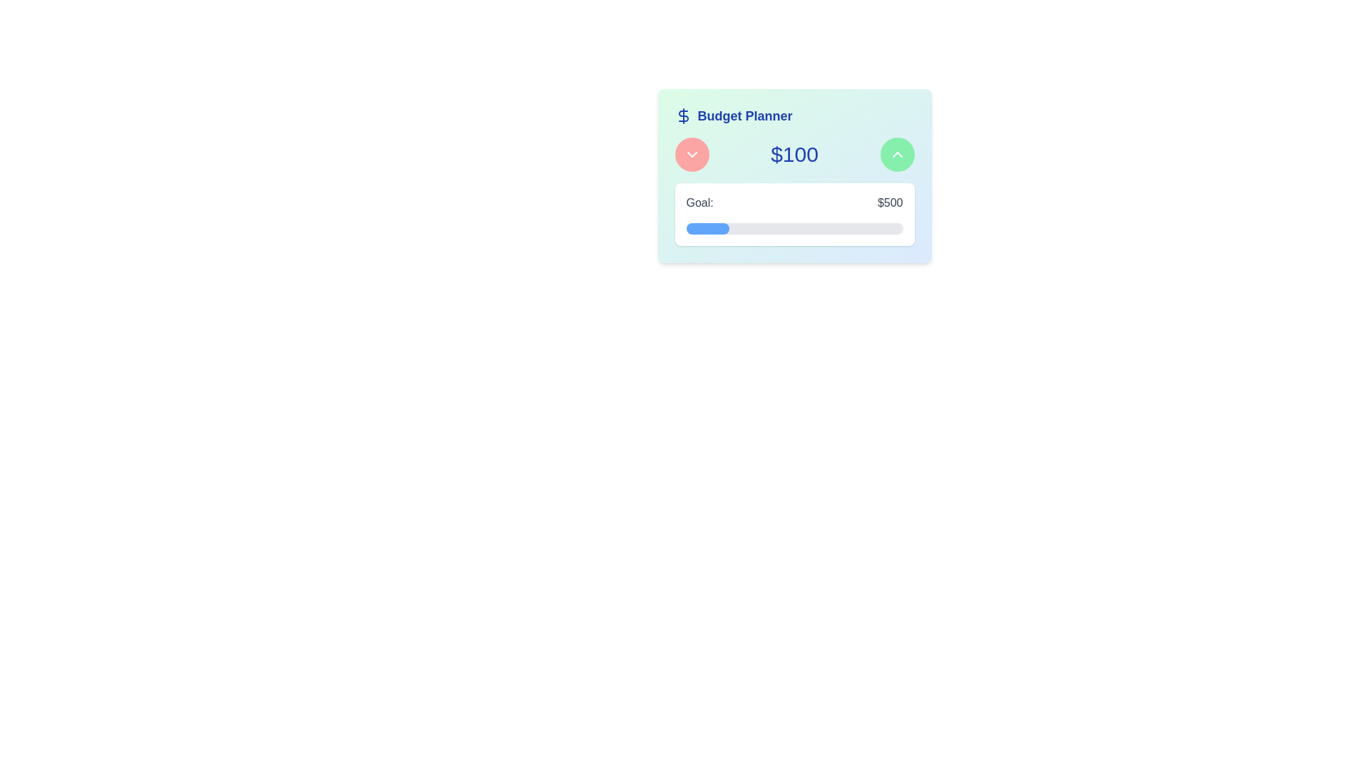  Describe the element at coordinates (896, 154) in the screenshot. I see `the icon embedded in the green button located in the upper-right corner of the 'Budget Planner' card for keyboard navigation` at that location.